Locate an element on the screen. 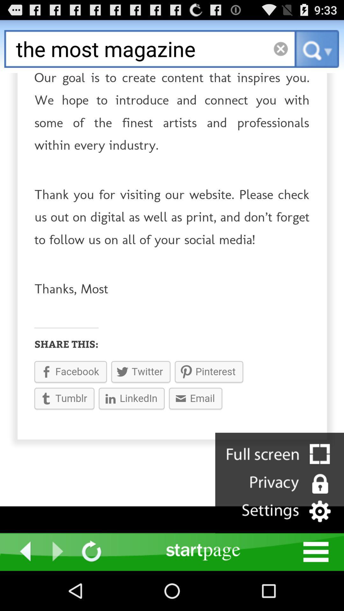 This screenshot has width=344, height=611. the videocam icon is located at coordinates (279, 487).